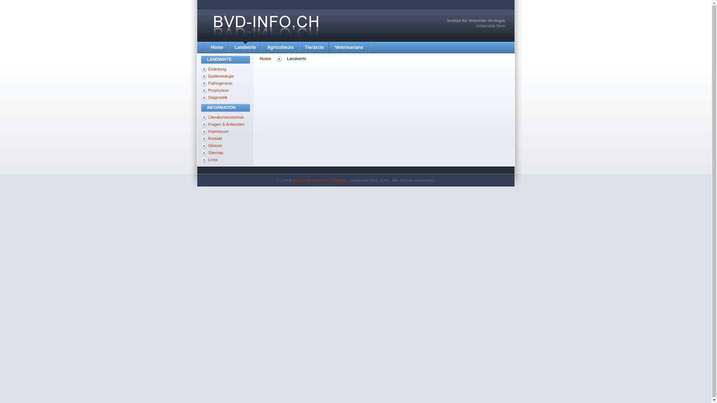  What do you see at coordinates (225, 90) in the screenshot?
I see `'Prophylaxe'` at bounding box center [225, 90].